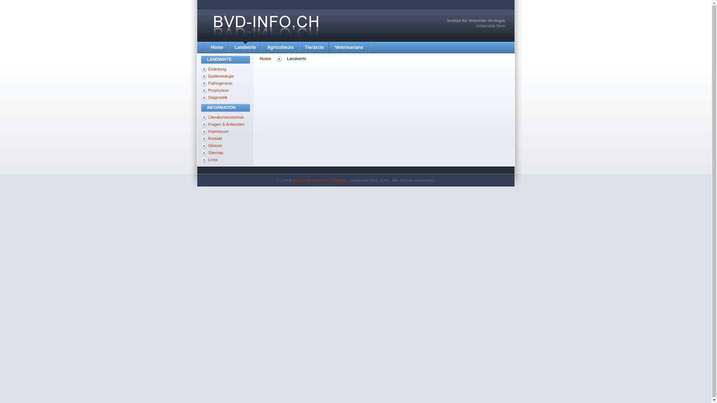  What do you see at coordinates (225, 90) in the screenshot?
I see `'Prophylaxe'` at bounding box center [225, 90].